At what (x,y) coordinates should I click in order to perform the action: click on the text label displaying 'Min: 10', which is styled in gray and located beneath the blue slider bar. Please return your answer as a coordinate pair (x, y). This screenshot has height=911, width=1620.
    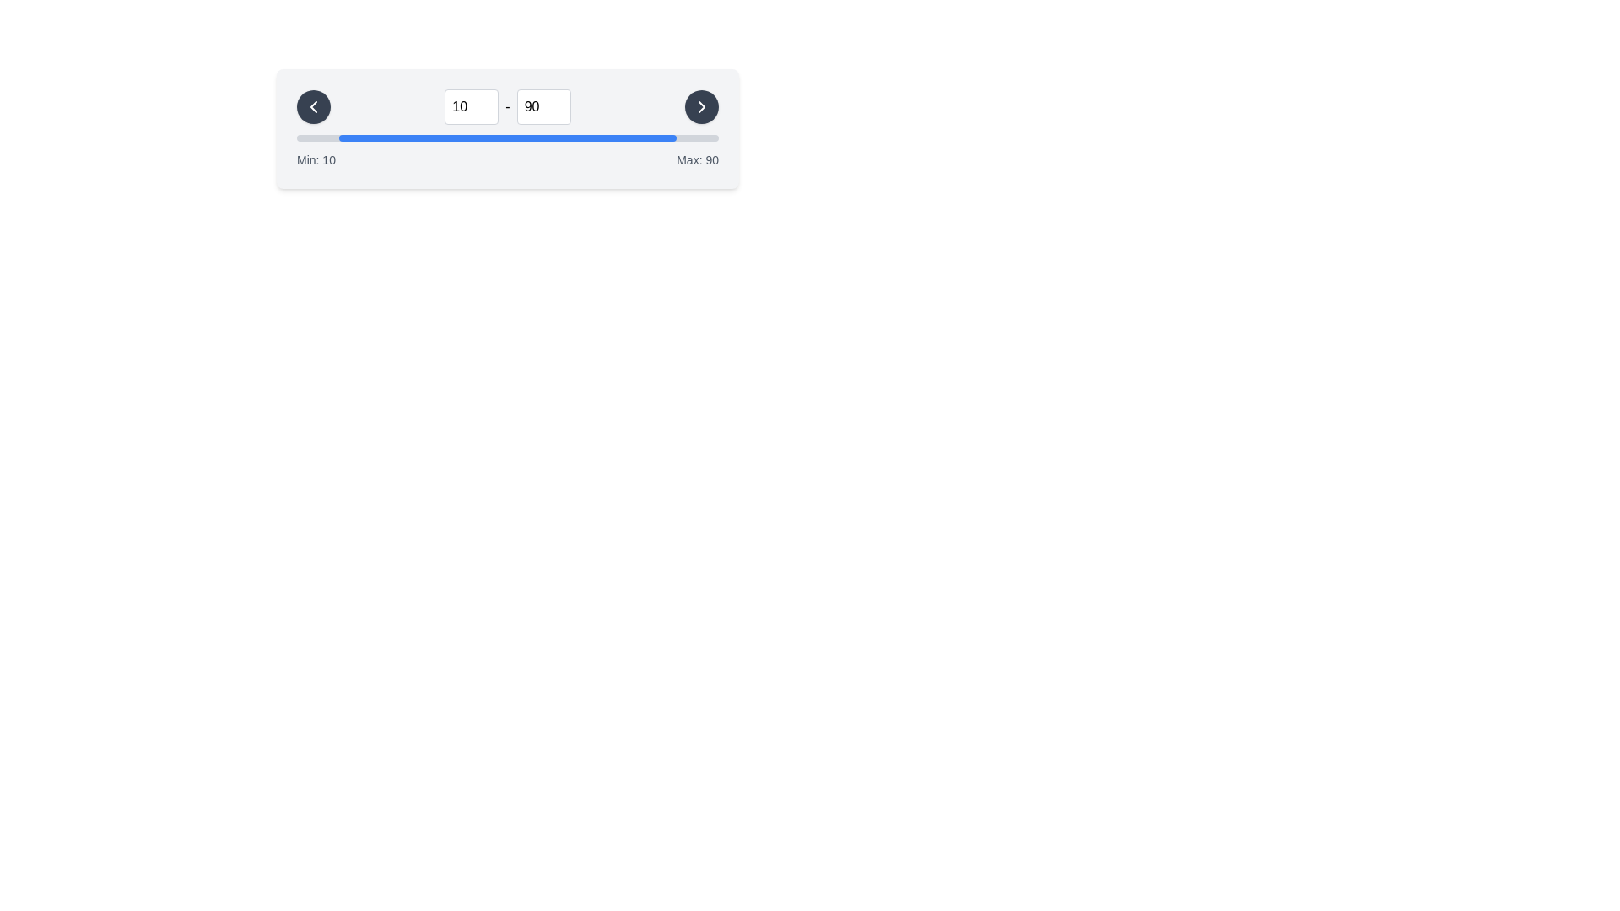
    Looking at the image, I should click on (316, 159).